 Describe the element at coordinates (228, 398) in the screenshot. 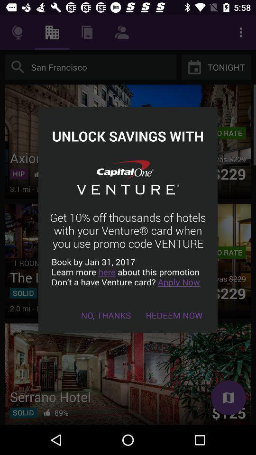

I see `the book icon` at that location.